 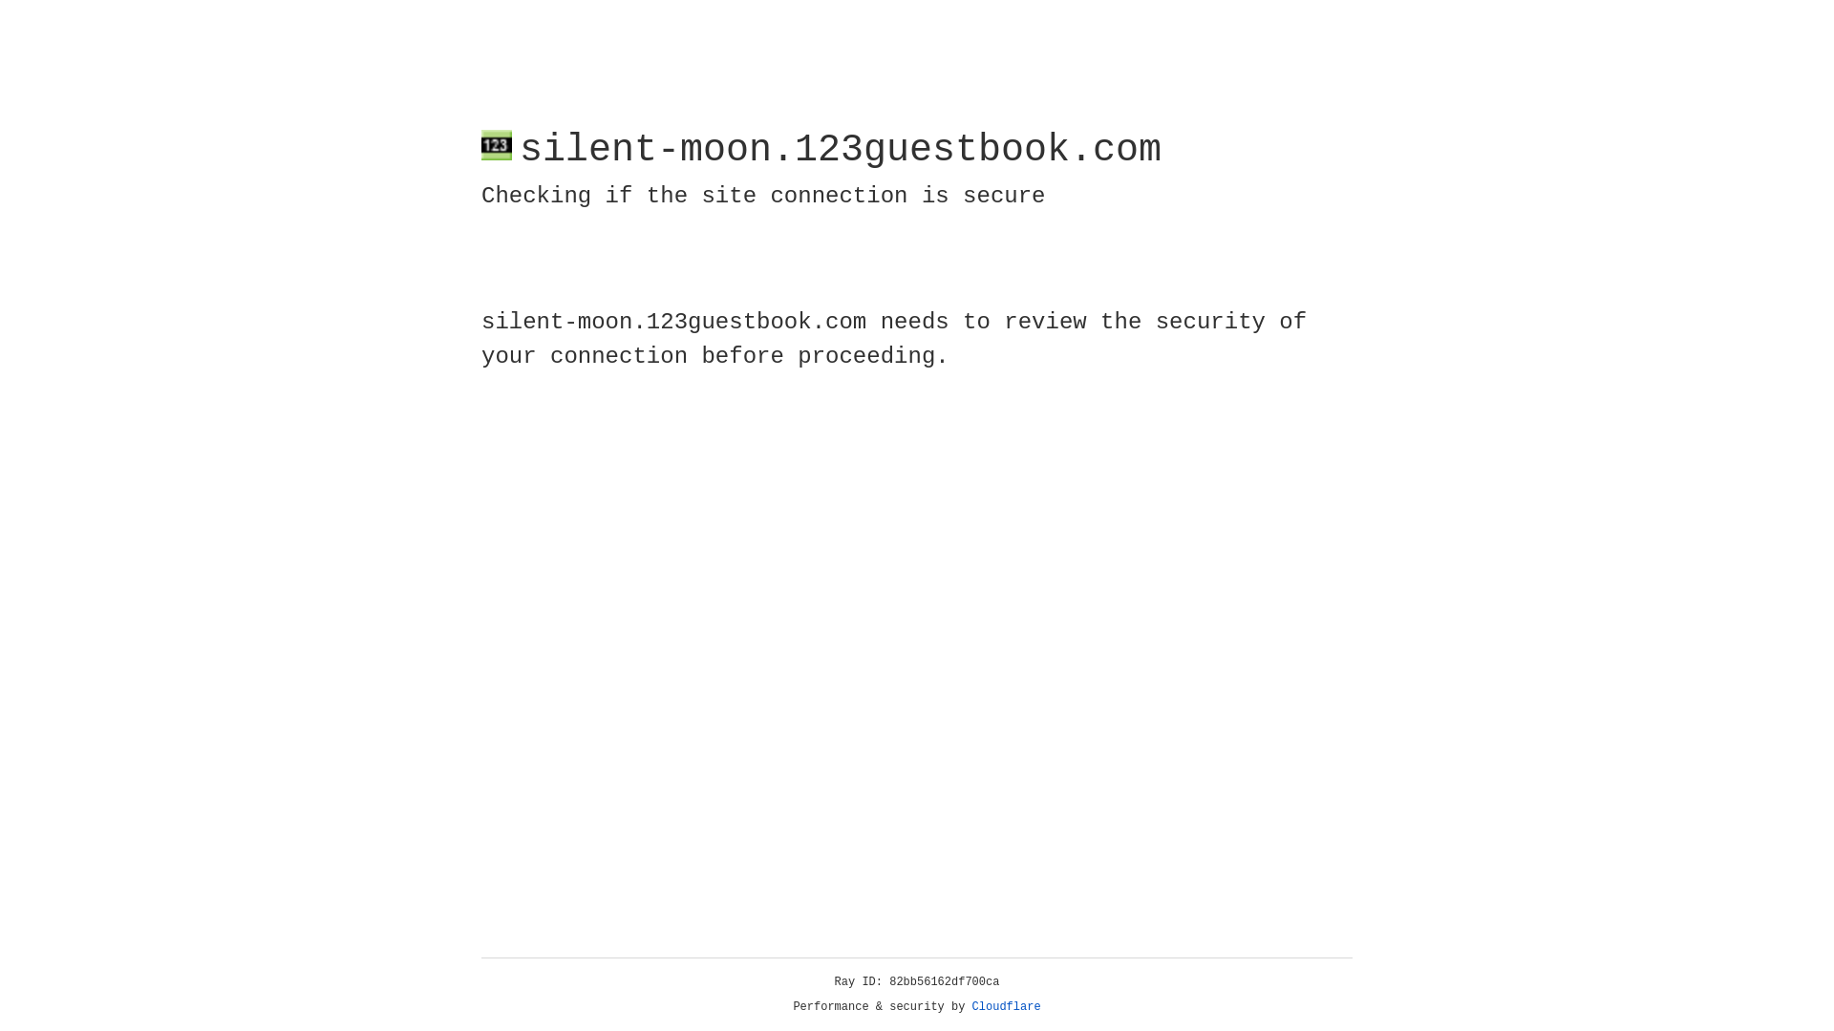 What do you see at coordinates (1006, 1006) in the screenshot?
I see `'Cloudflare'` at bounding box center [1006, 1006].